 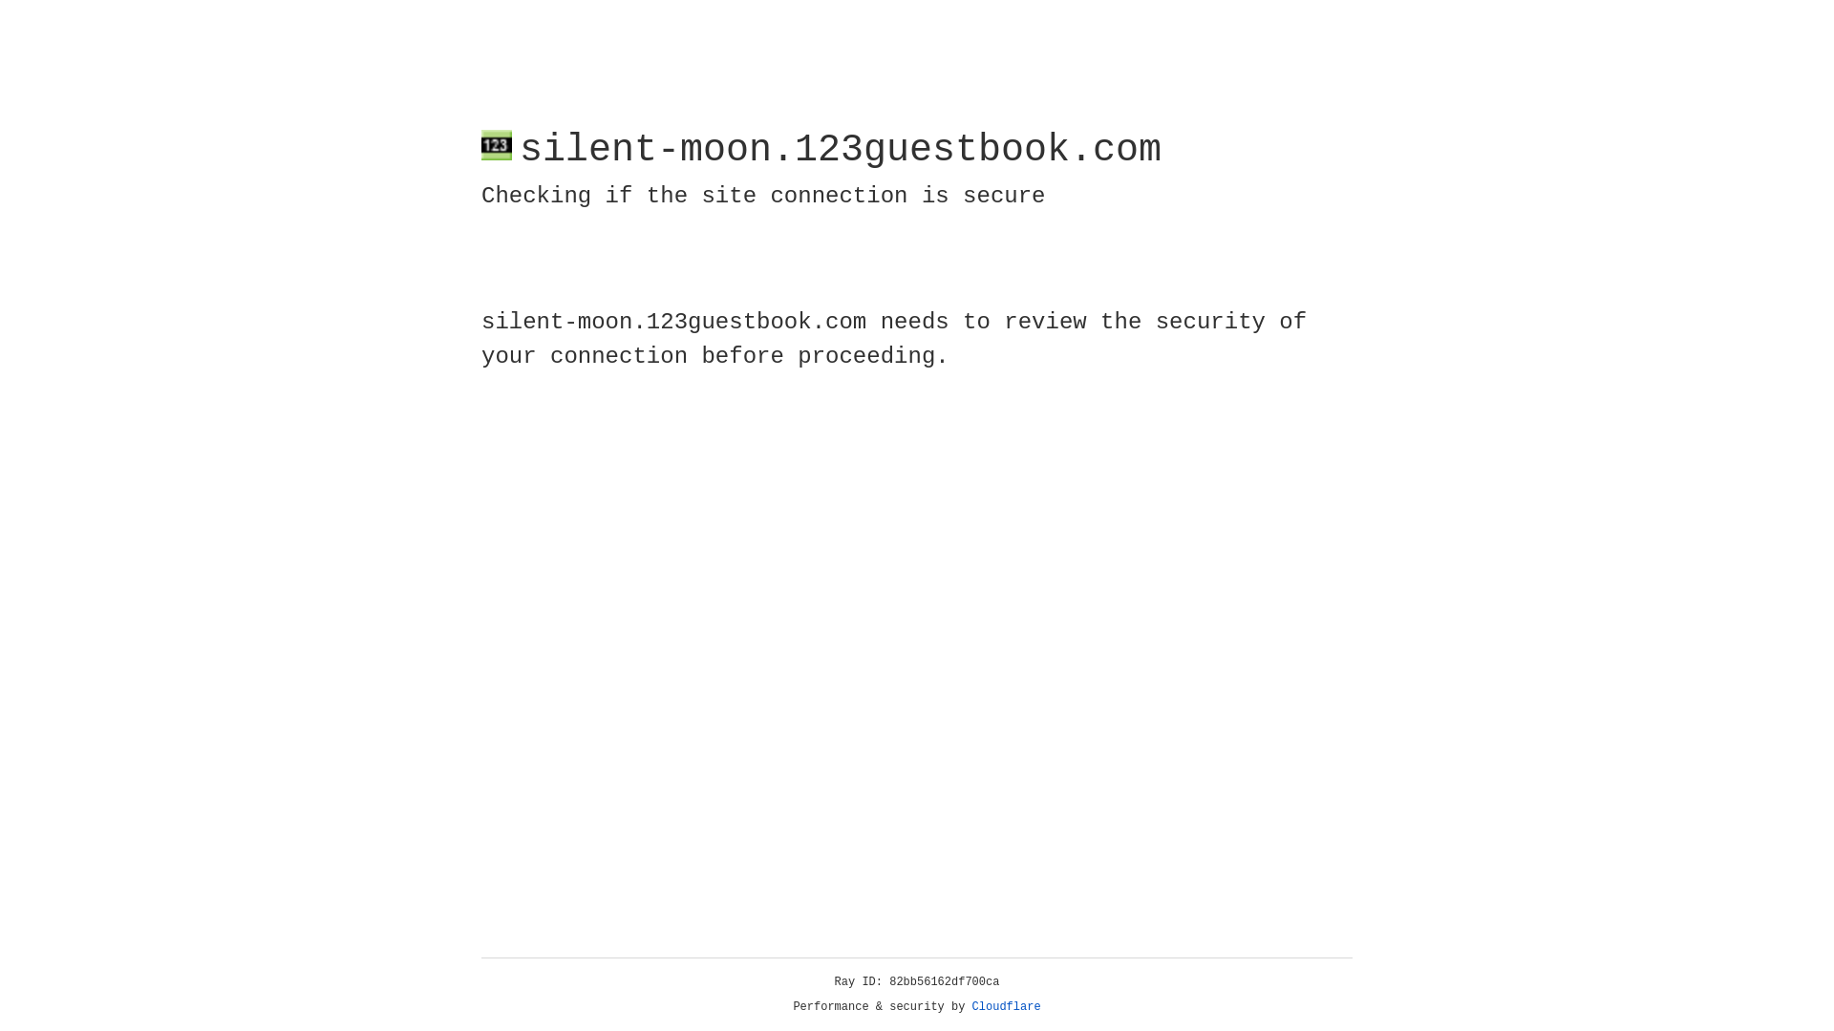 What do you see at coordinates (1006, 1006) in the screenshot?
I see `'Cloudflare'` at bounding box center [1006, 1006].